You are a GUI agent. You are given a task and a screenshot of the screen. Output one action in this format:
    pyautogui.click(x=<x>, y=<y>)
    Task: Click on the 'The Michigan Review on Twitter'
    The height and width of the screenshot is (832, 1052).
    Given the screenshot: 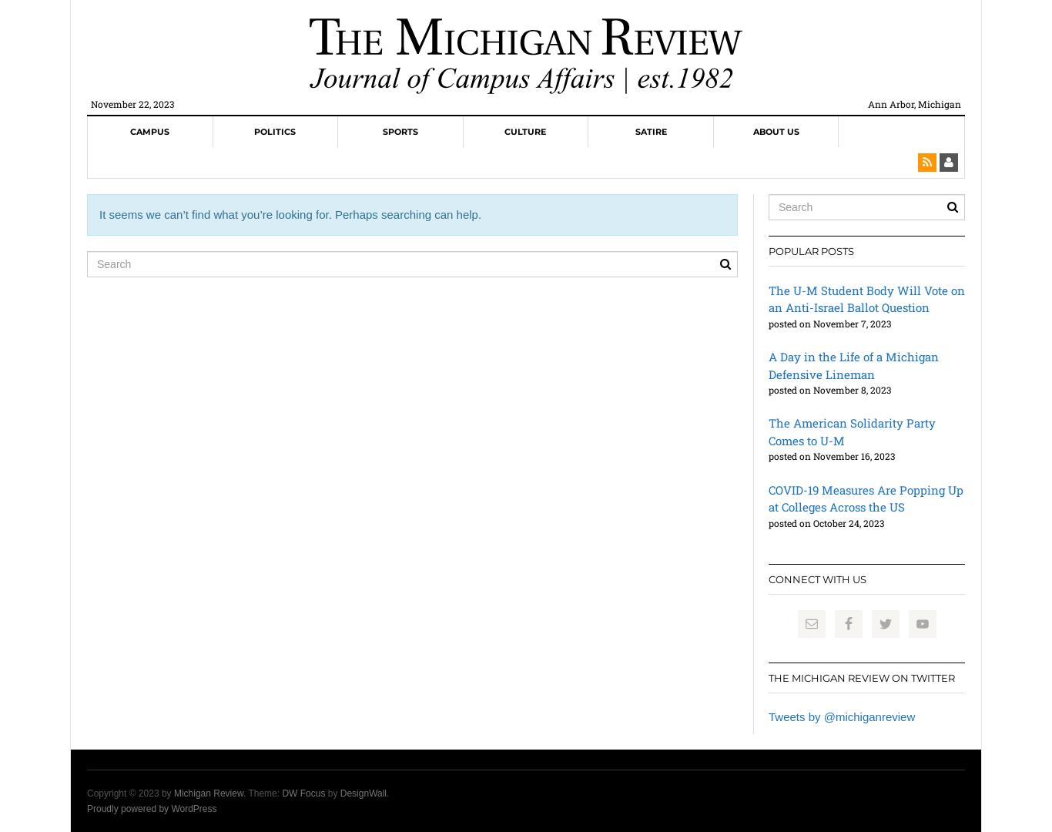 What is the action you would take?
    pyautogui.click(x=861, y=676)
    